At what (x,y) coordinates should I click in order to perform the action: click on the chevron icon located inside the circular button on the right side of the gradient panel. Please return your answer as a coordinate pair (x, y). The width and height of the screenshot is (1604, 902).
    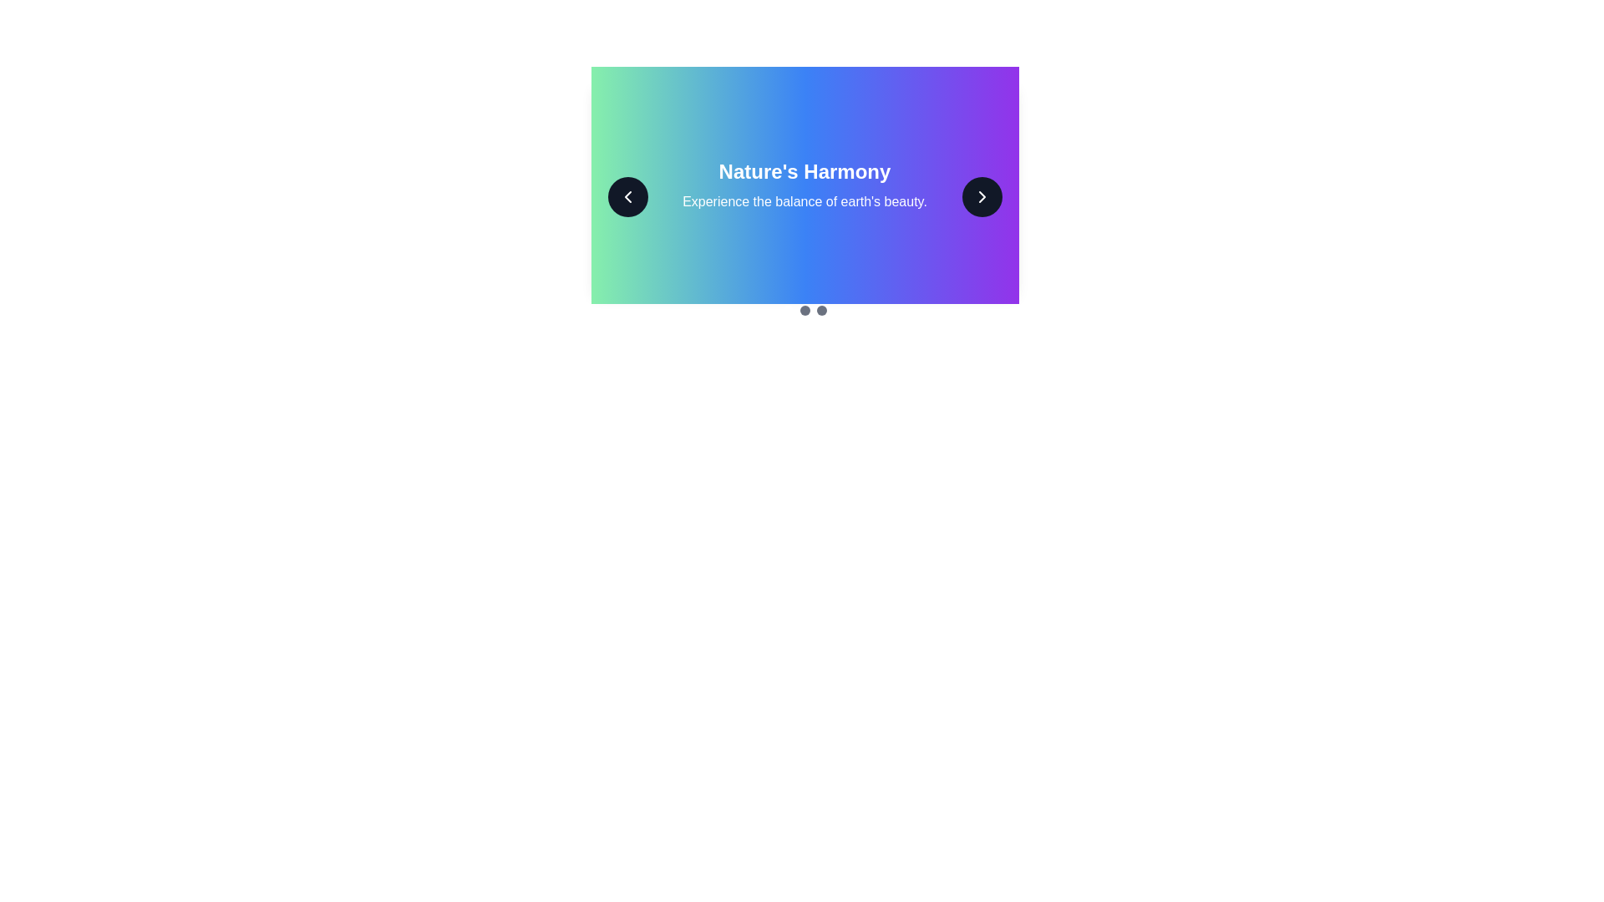
    Looking at the image, I should click on (982, 195).